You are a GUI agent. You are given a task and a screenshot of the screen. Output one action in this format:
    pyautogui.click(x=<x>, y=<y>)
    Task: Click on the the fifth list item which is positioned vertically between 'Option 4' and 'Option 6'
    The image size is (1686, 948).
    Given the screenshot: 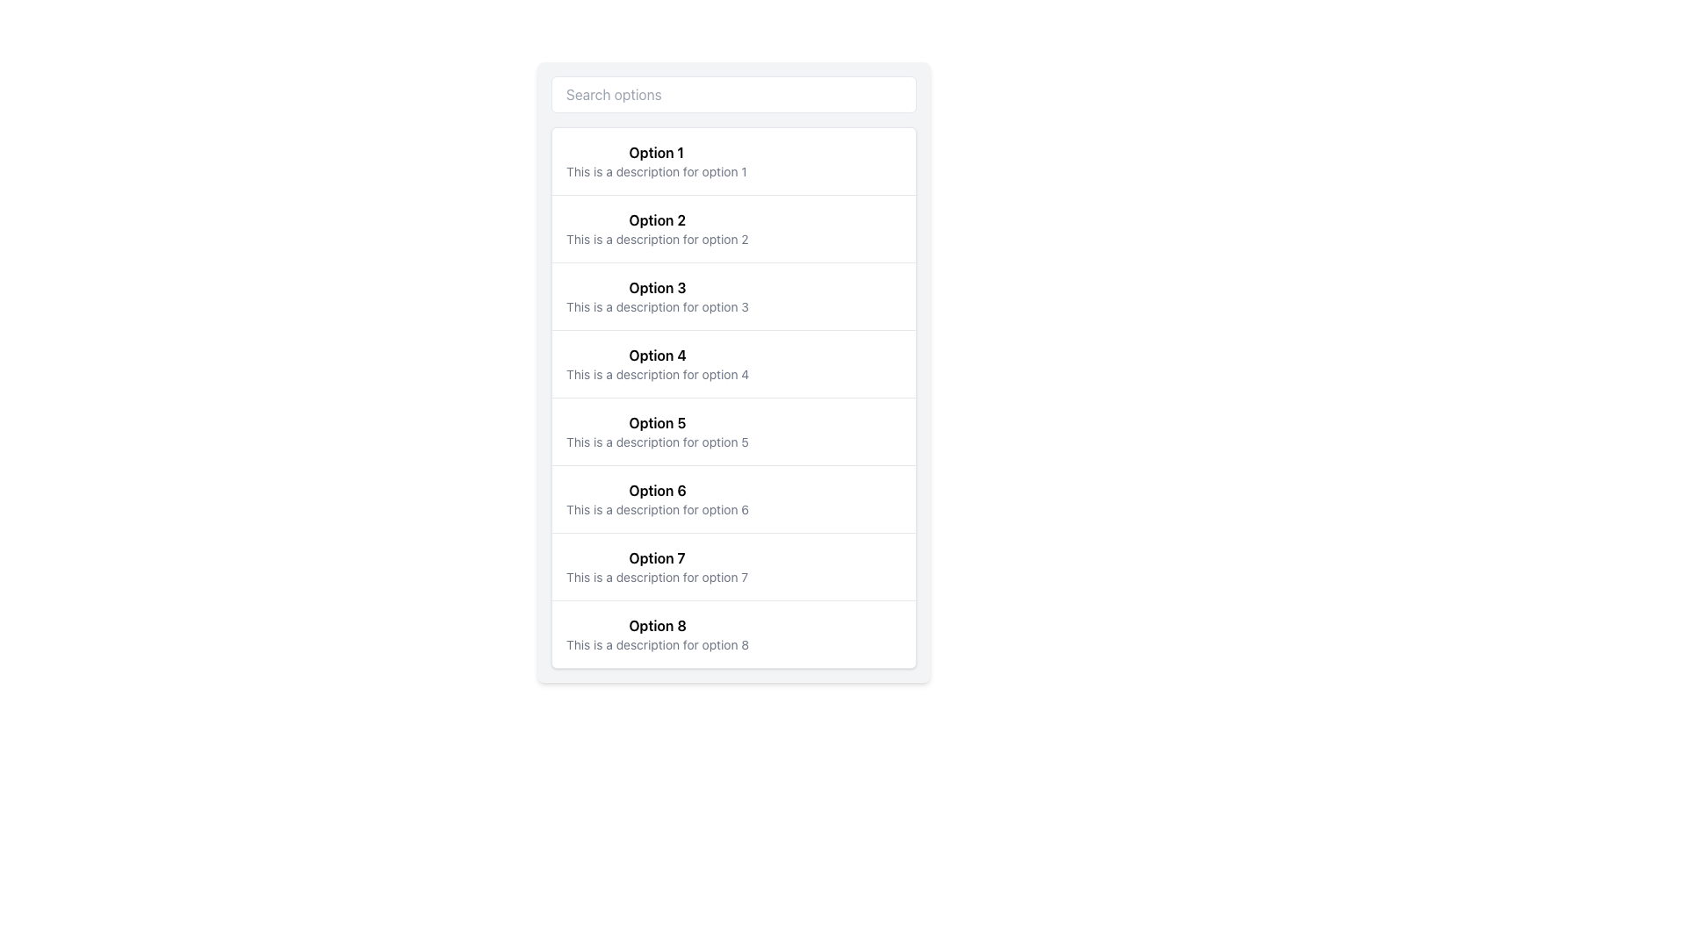 What is the action you would take?
    pyautogui.click(x=733, y=431)
    